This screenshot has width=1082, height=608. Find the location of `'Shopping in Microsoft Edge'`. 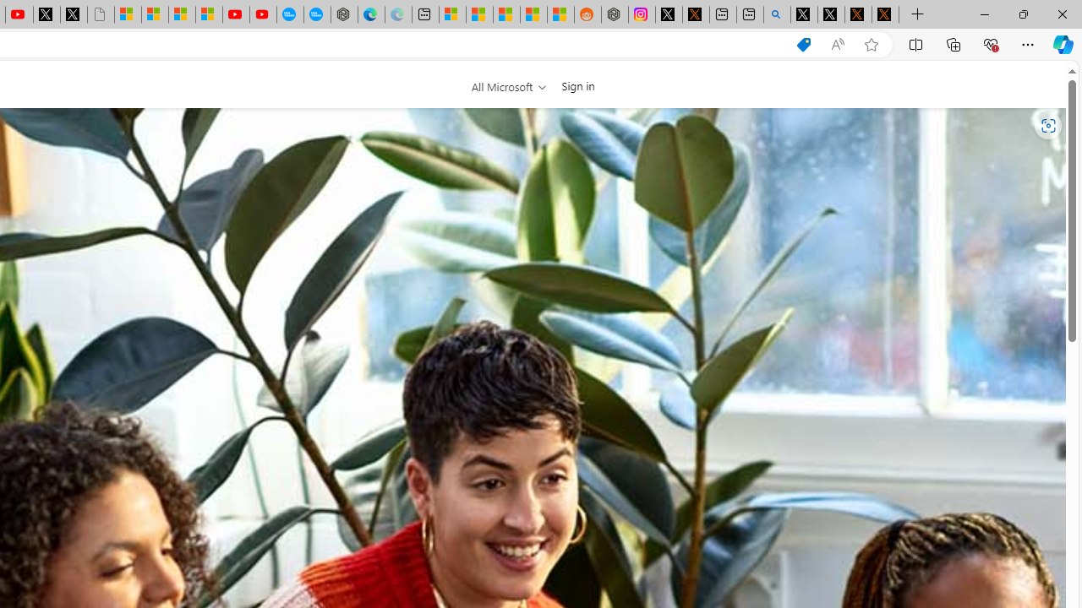

'Shopping in Microsoft Edge' is located at coordinates (803, 44).